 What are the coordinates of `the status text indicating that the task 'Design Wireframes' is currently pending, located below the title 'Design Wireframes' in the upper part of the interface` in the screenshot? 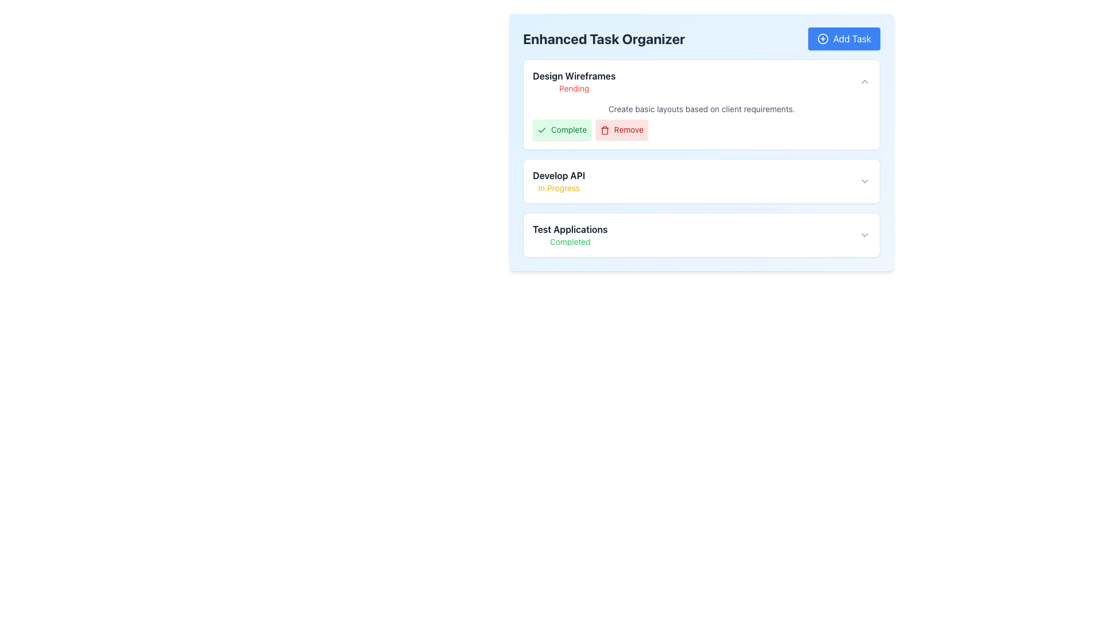 It's located at (574, 88).